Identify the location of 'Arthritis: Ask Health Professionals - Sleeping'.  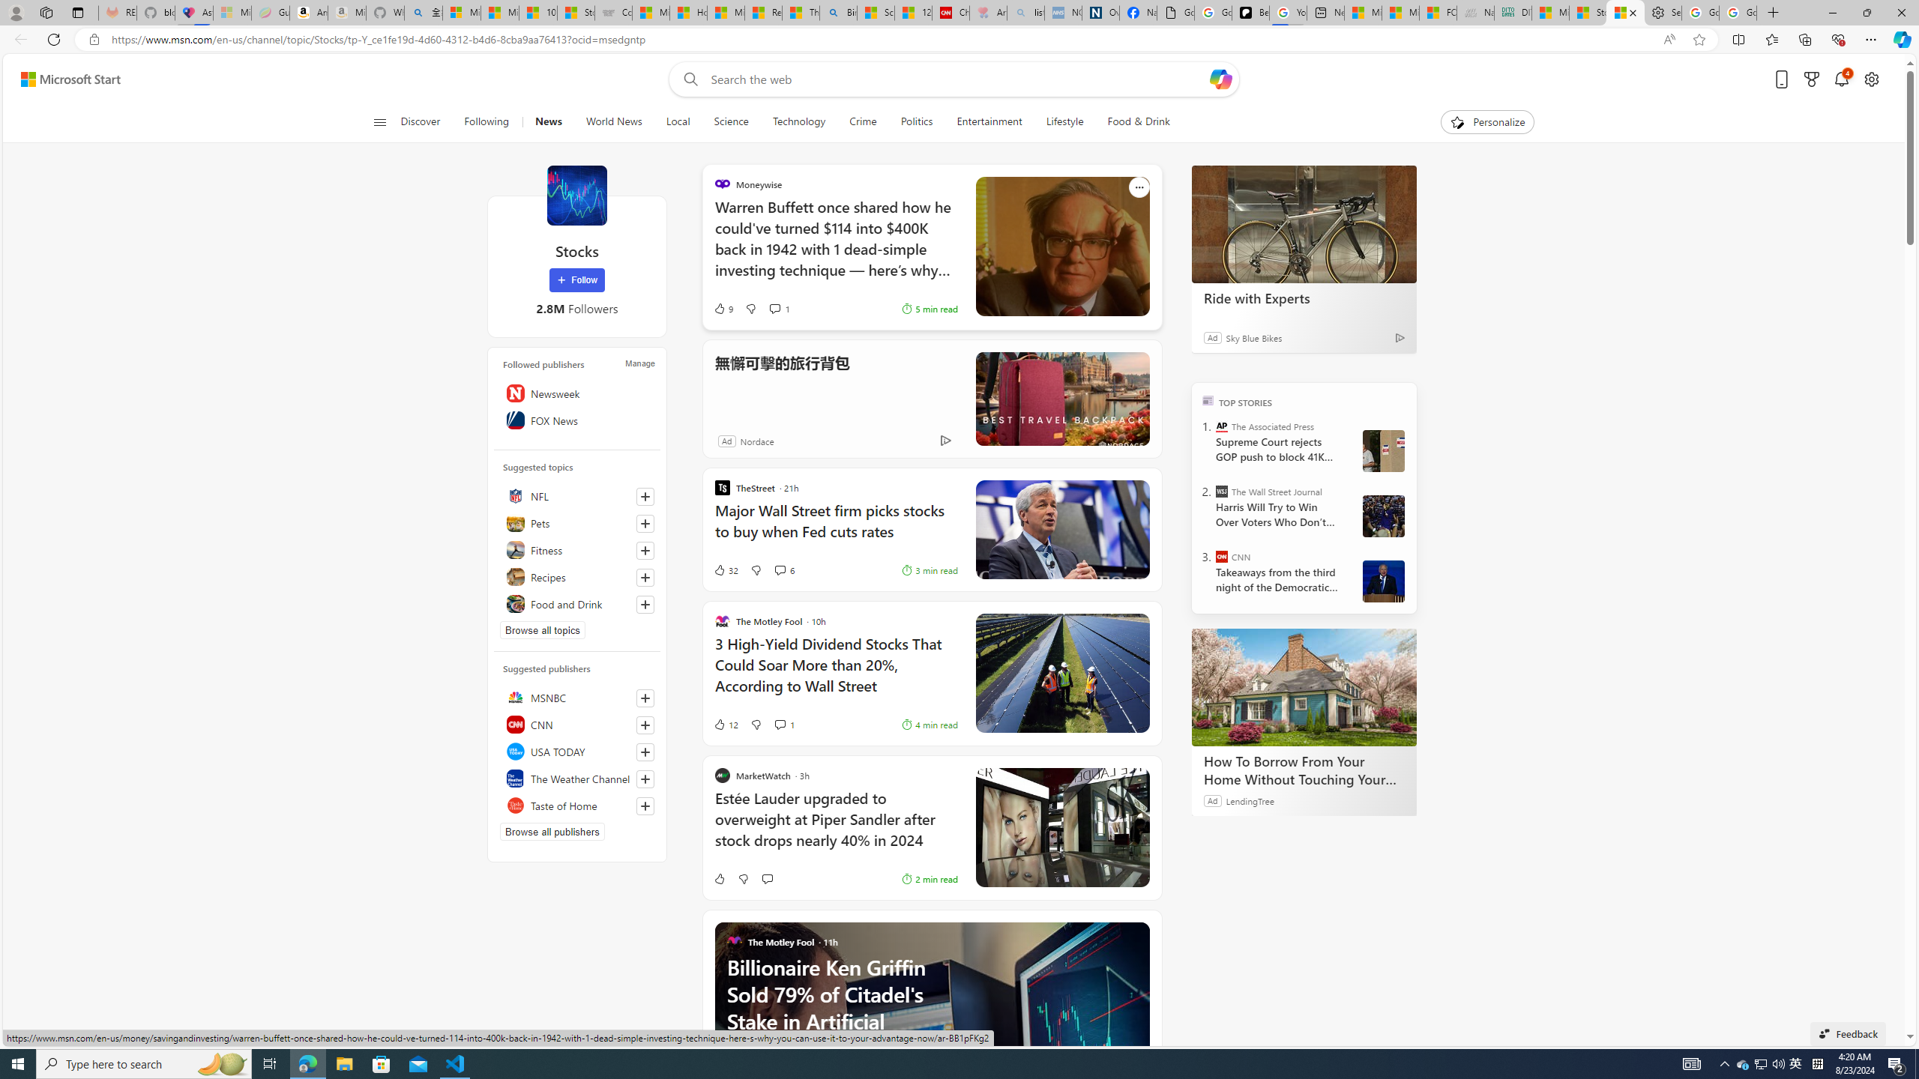
(987, 12).